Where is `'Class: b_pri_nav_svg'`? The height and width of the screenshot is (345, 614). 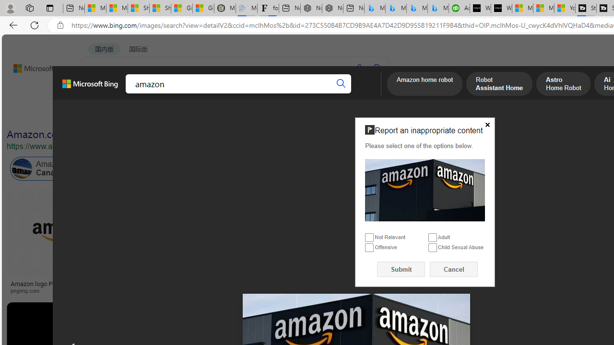
'Class: b_pri_nav_svg' is located at coordinates (162, 94).